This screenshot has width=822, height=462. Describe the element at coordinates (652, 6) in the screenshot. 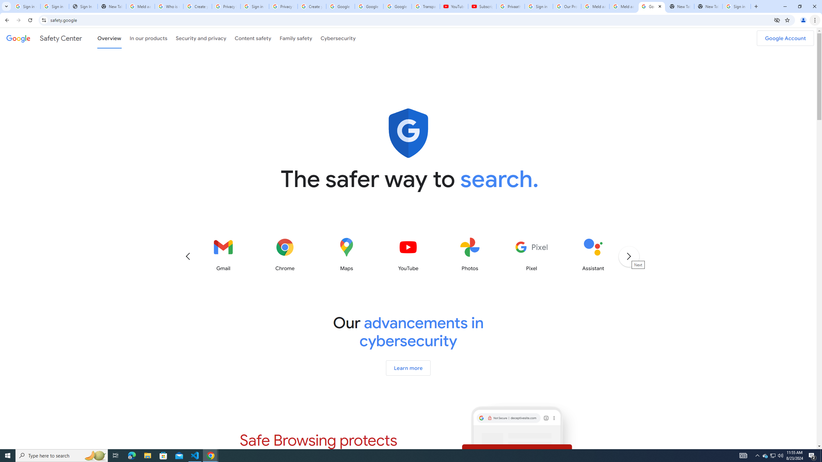

I see `'Google Safety Center - Stay Safer Online'` at that location.